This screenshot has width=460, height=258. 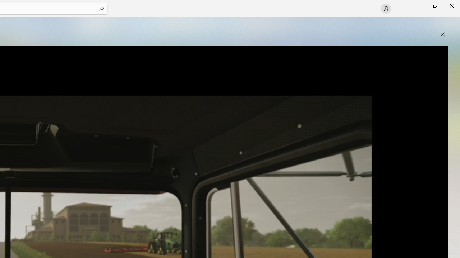 What do you see at coordinates (418, 5) in the screenshot?
I see `'Minimize Microsoft Store'` at bounding box center [418, 5].